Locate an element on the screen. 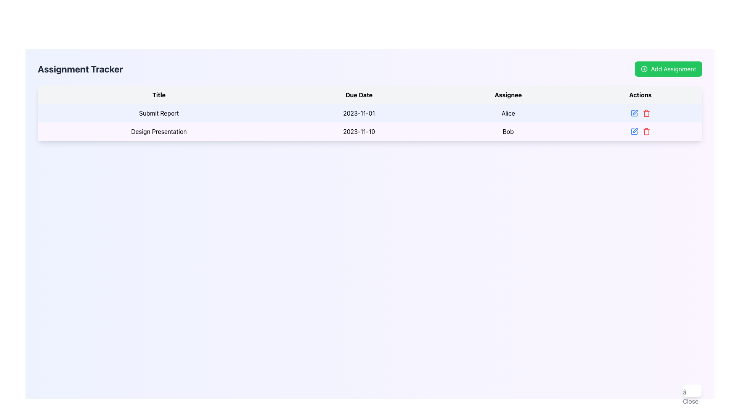  the interactive button group located in the 'Actions' column of the first row in the table, which contains icons for editing and deleting is located at coordinates (640, 113).